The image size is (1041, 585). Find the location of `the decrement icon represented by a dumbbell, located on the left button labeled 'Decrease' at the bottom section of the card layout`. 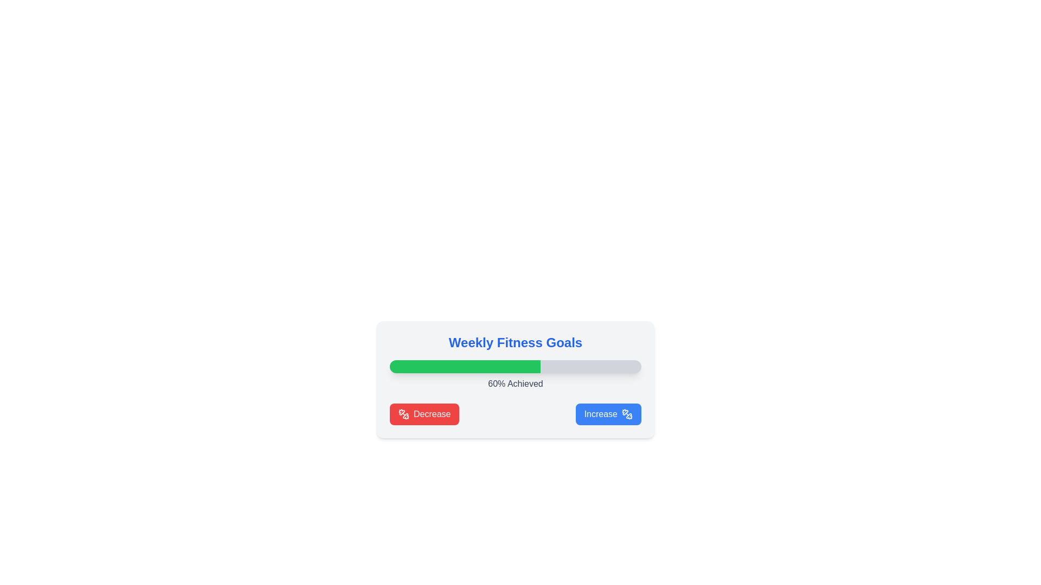

the decrement icon represented by a dumbbell, located on the left button labeled 'Decrease' at the bottom section of the card layout is located at coordinates (403, 414).